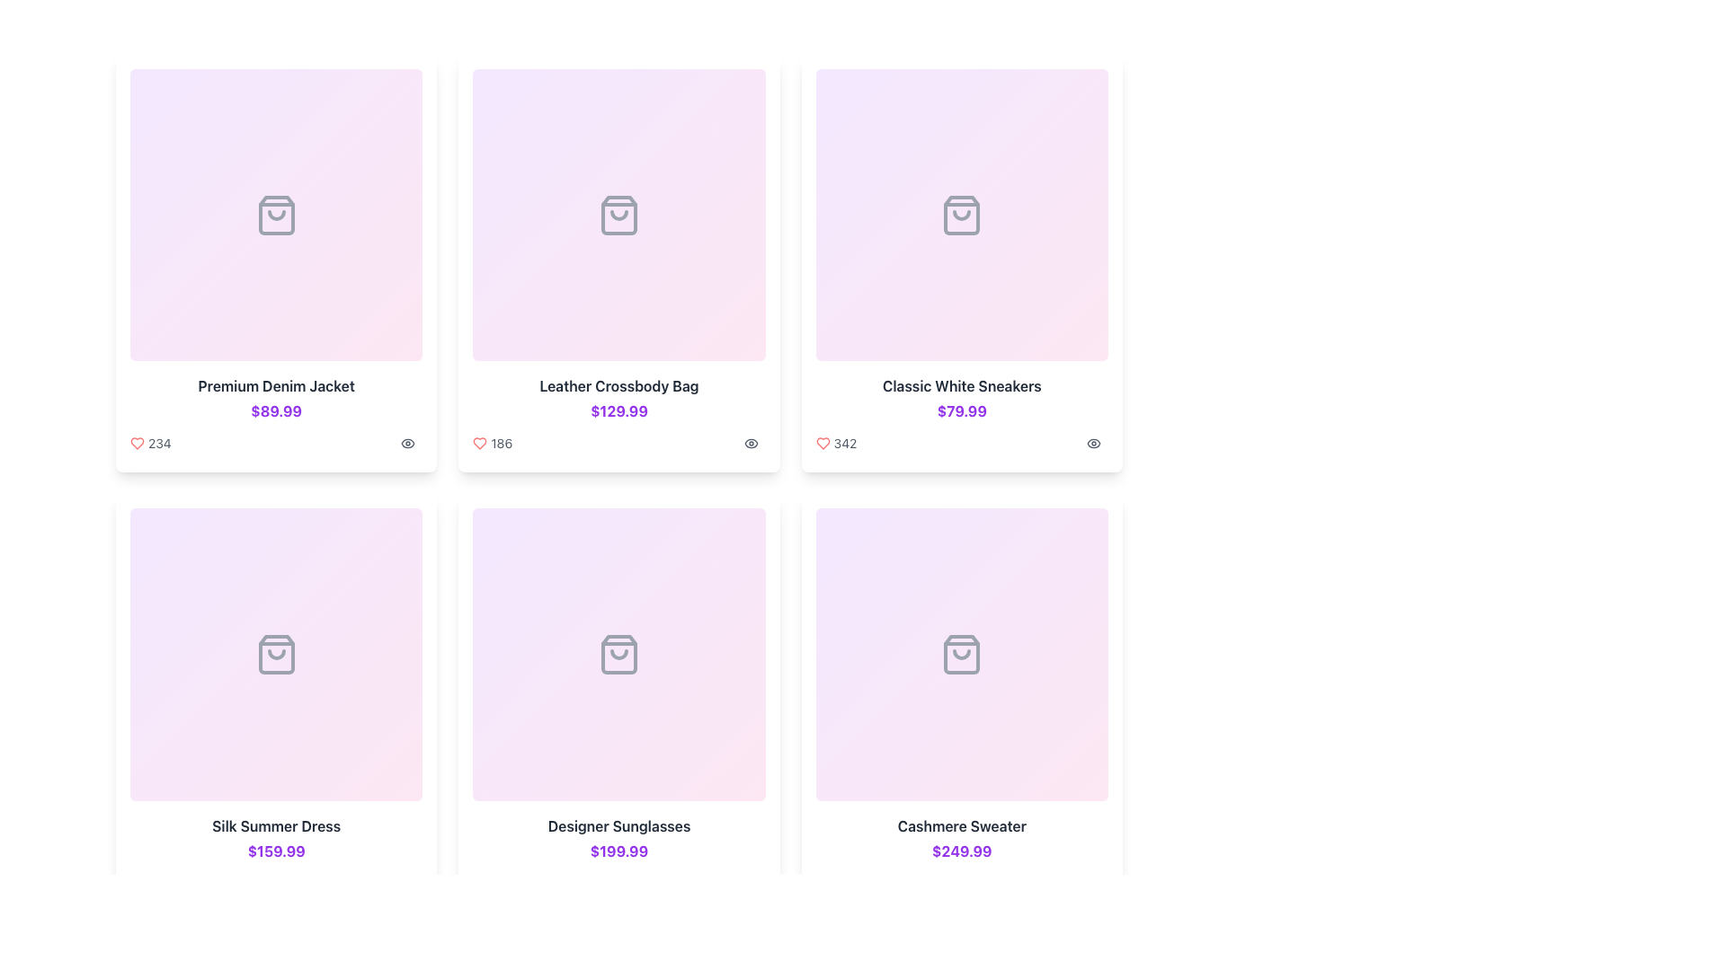 The width and height of the screenshot is (1726, 970). What do you see at coordinates (275, 214) in the screenshot?
I see `the gray-colored shopping bag icon with rounded edges located in the upper-left card of a grid layout, centered above the text 'Premium Denim Jacket' and the price` at bounding box center [275, 214].